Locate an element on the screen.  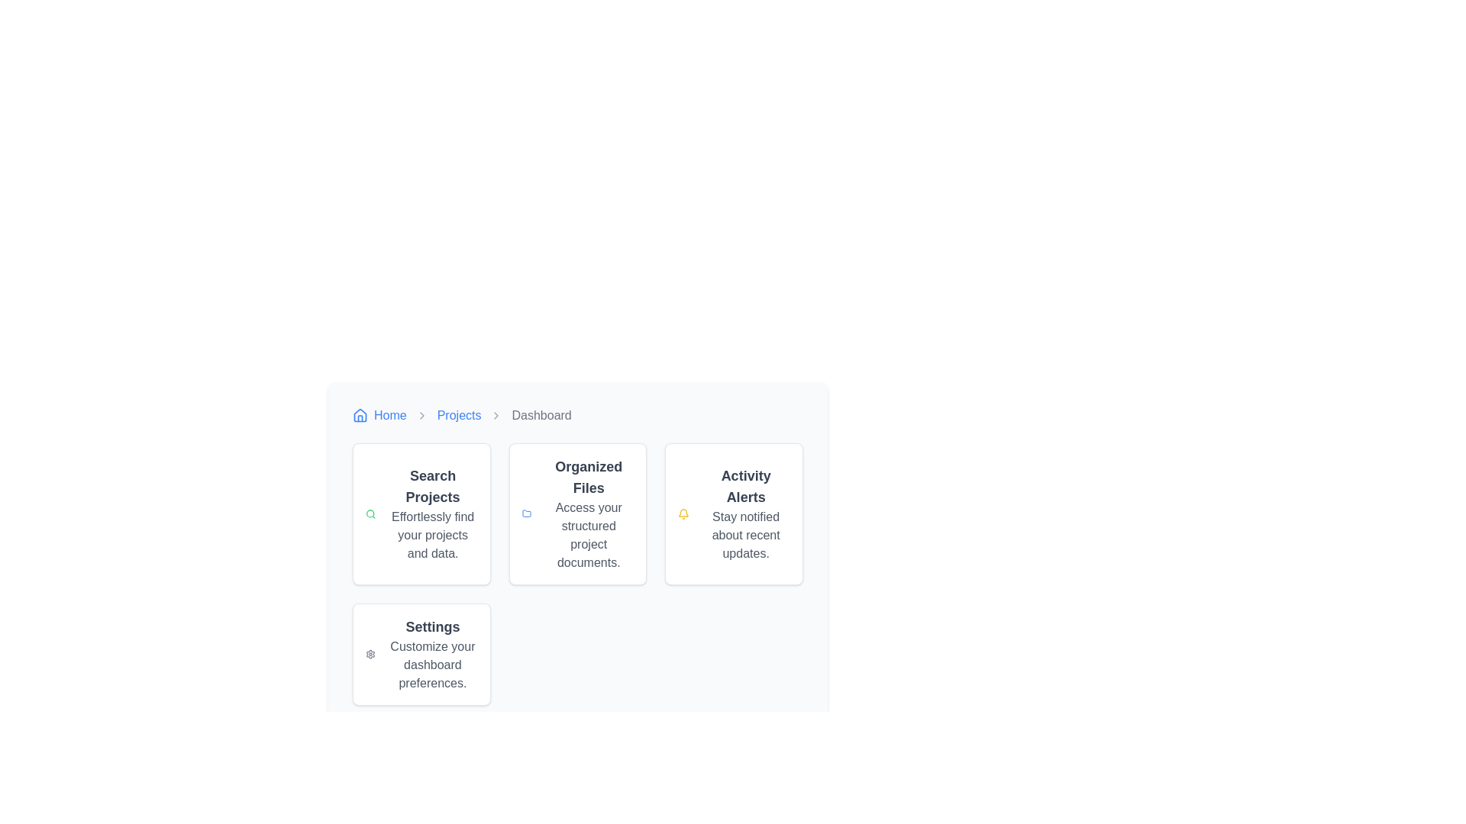
the decorative SVG graphic icon representing a folder in the 'Organized Files' section of the UI is located at coordinates (526, 513).